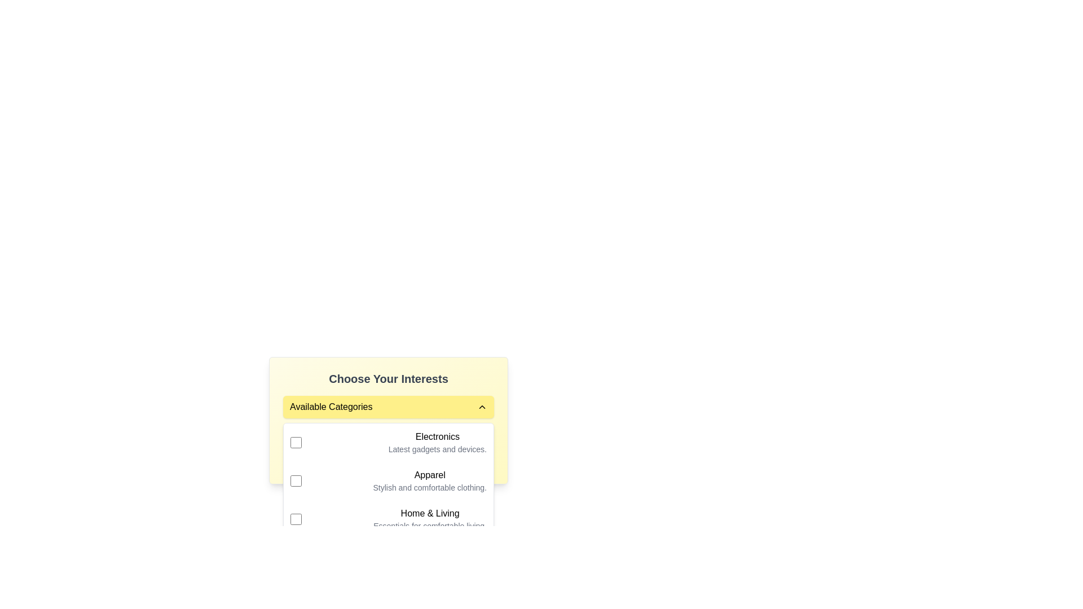 The height and width of the screenshot is (609, 1083). What do you see at coordinates (389, 442) in the screenshot?
I see `the first selectable list item labeled 'Electronics' within the 'Available Categories' dropdown` at bounding box center [389, 442].